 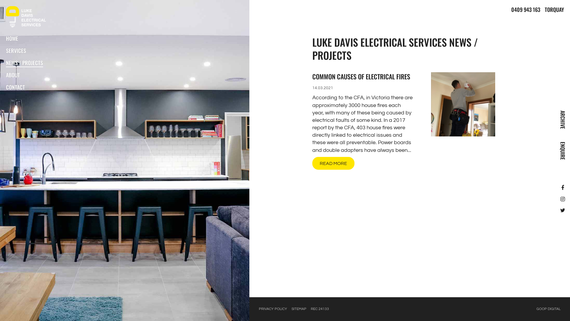 I want to click on 'READ MORE', so click(x=312, y=163).